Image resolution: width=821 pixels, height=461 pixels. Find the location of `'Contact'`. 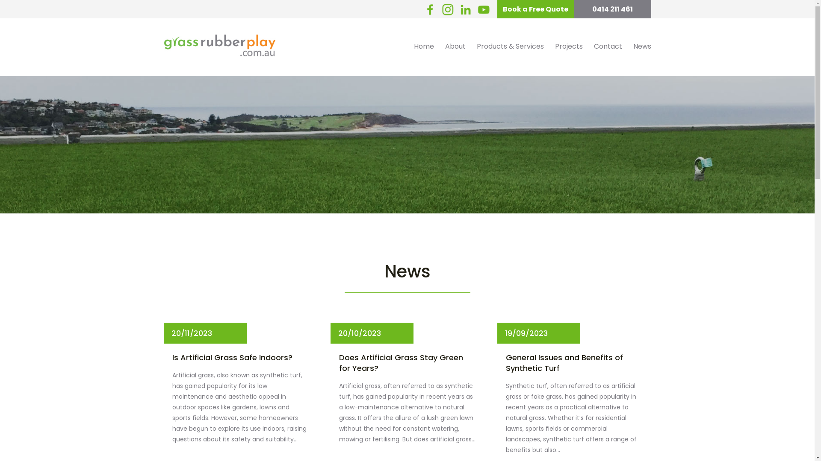

'Contact' is located at coordinates (588, 46).